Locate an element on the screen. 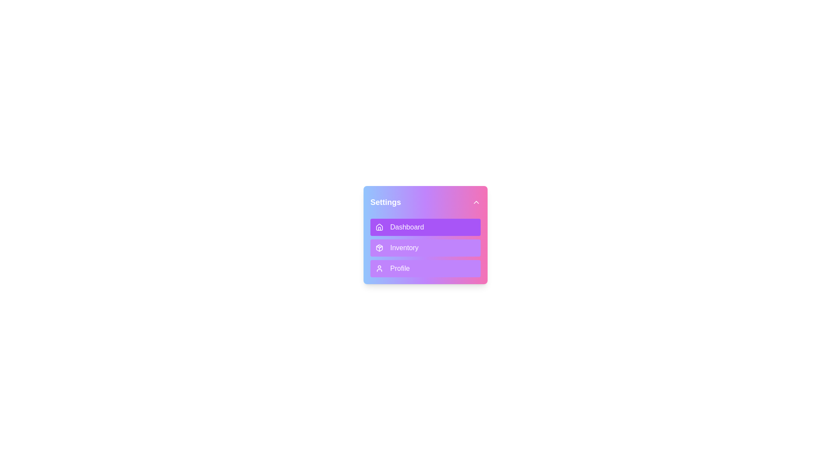 This screenshot has height=465, width=827. the icon of the menu item Inventory is located at coordinates (379, 248).